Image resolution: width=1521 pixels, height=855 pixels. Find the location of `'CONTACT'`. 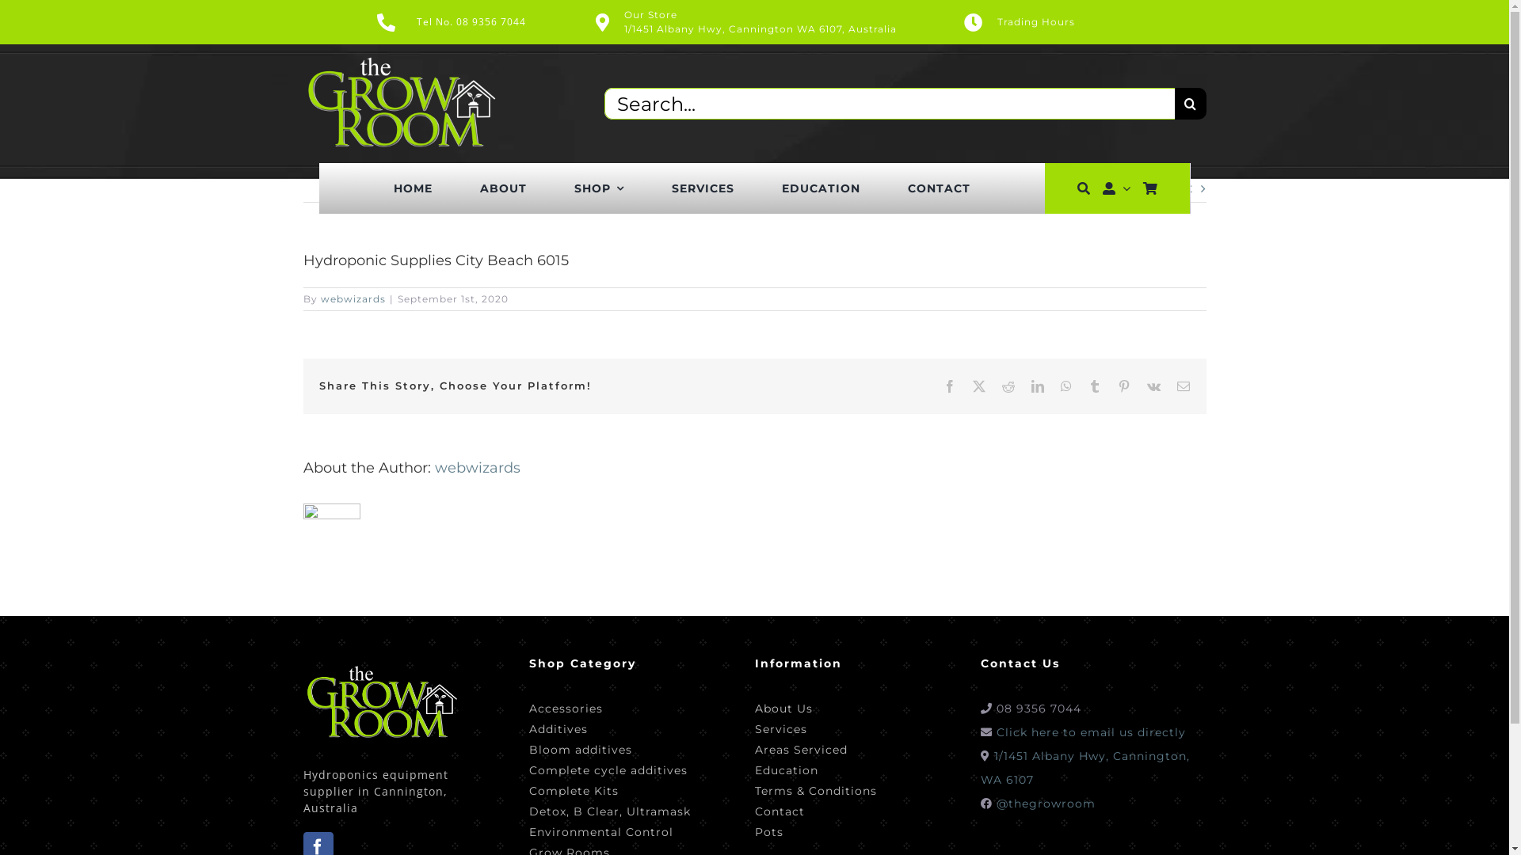

'CONTACT' is located at coordinates (908, 188).